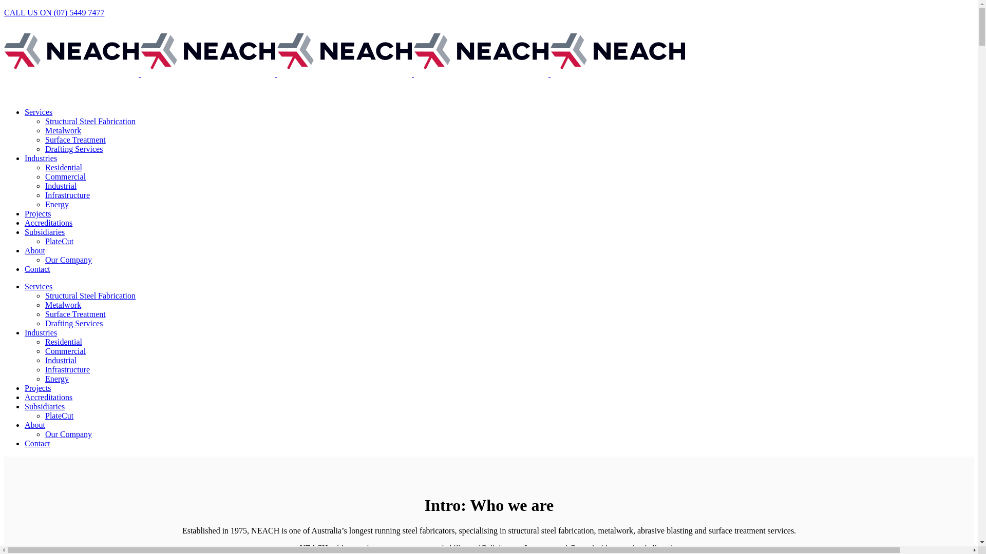  Describe the element at coordinates (63, 342) in the screenshot. I see `'Residential'` at that location.